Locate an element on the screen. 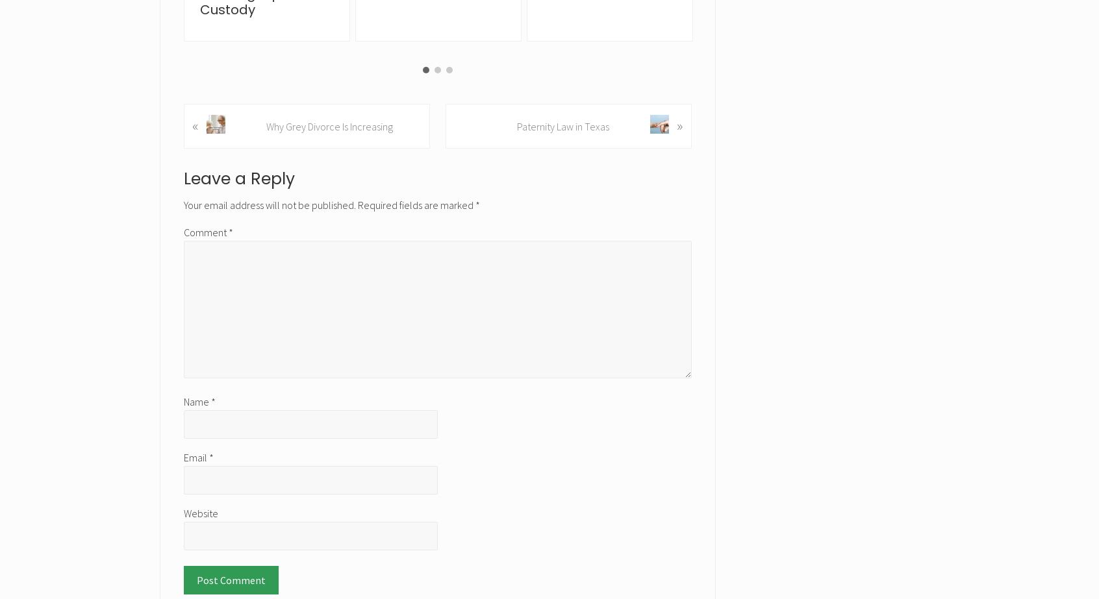  'Name' is located at coordinates (197, 400).